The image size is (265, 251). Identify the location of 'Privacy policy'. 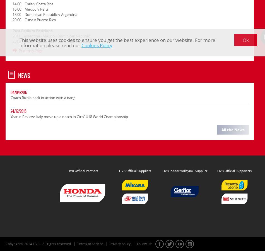
(120, 244).